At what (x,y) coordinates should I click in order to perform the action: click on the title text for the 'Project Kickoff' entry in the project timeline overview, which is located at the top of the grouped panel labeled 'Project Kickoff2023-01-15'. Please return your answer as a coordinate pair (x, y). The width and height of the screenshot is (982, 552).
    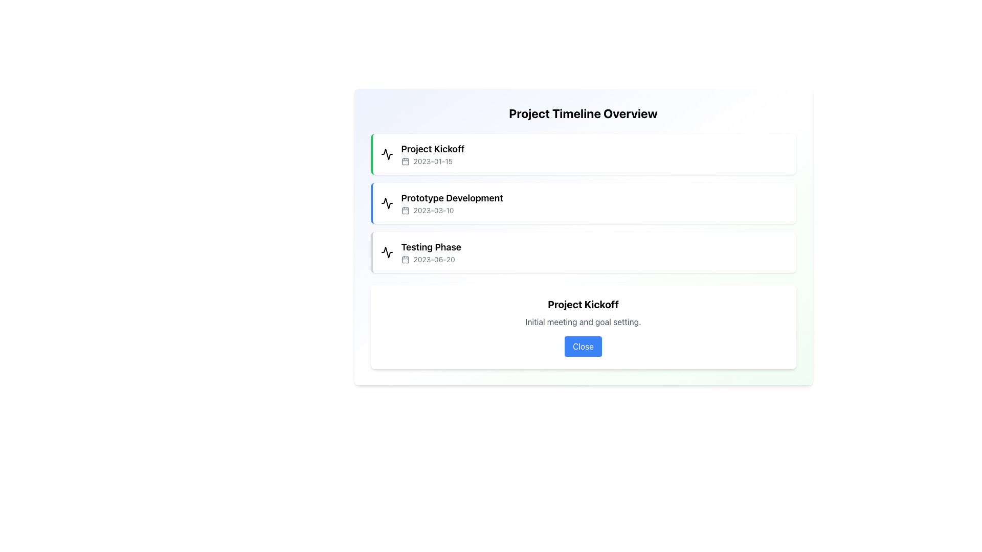
    Looking at the image, I should click on (433, 149).